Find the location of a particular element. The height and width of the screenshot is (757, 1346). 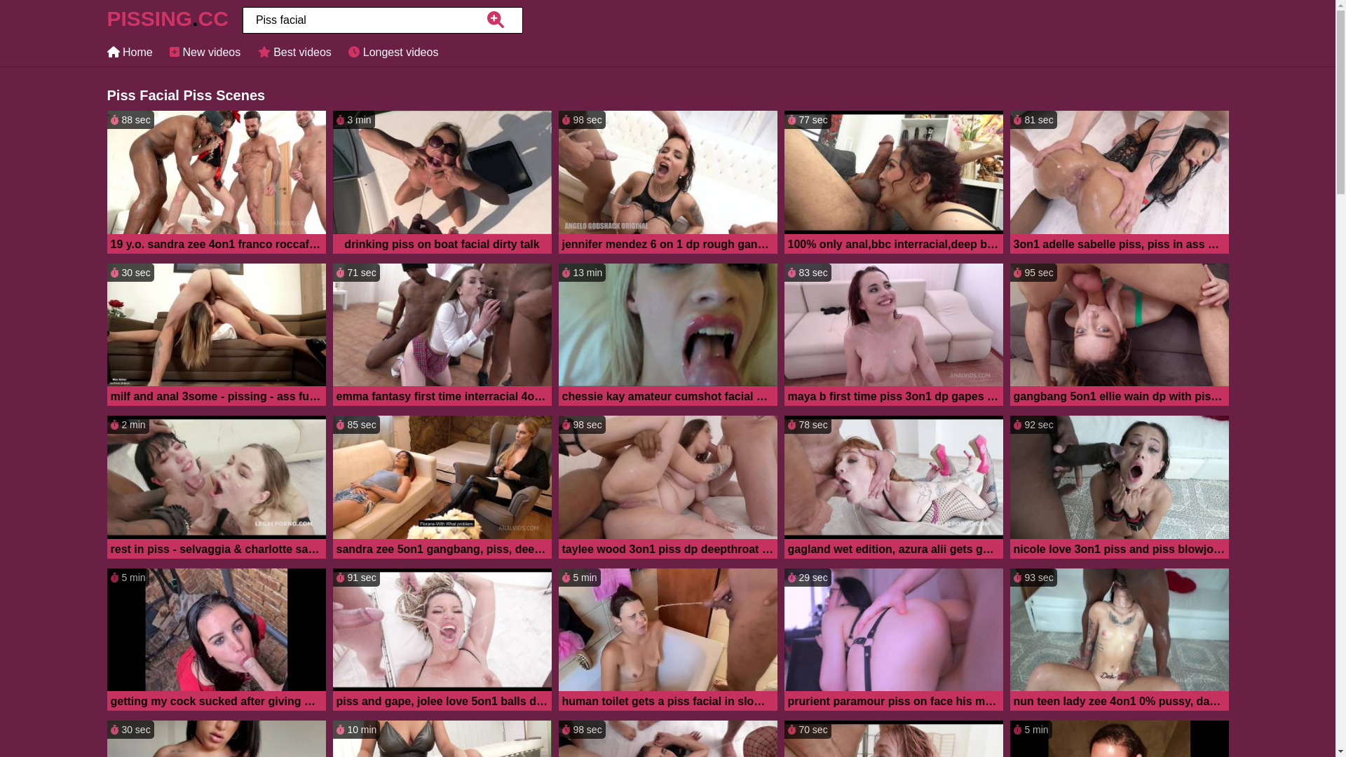

'3 min is located at coordinates (440, 183).